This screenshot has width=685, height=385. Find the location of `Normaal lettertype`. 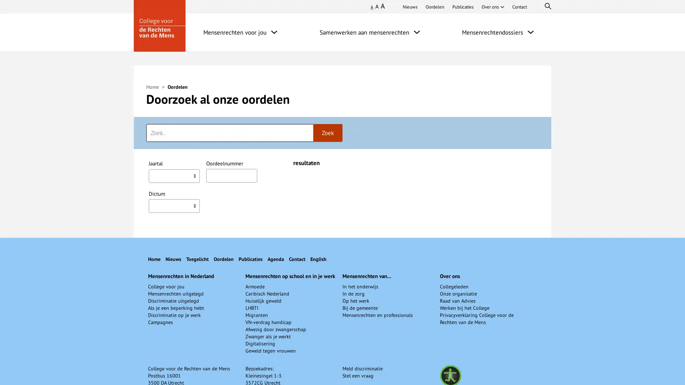

Normaal lettertype is located at coordinates (376, 6).